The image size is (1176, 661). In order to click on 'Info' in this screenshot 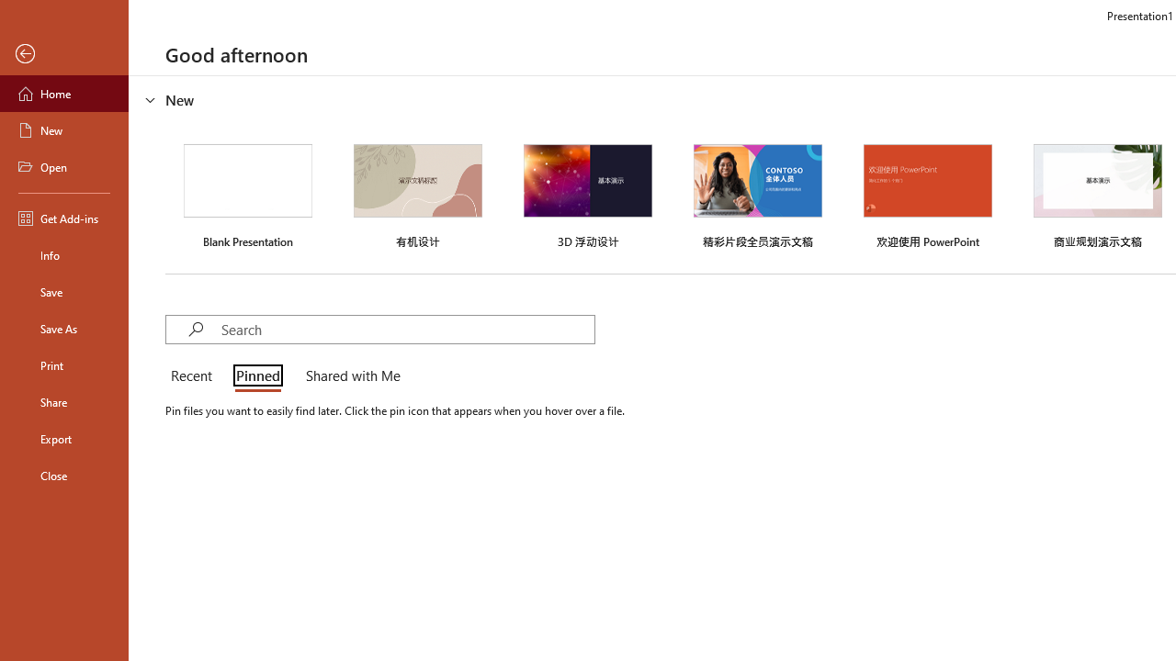, I will do `click(63, 254)`.